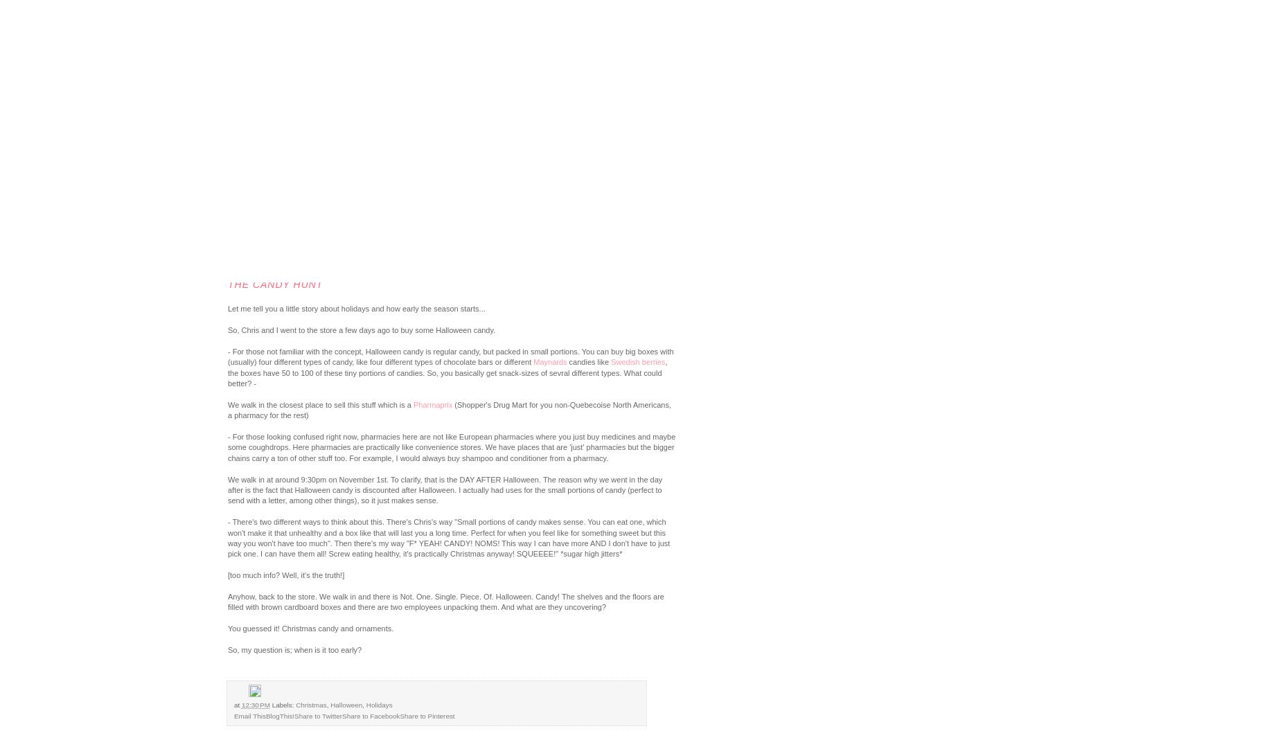 This screenshot has width=1287, height=740. Describe the element at coordinates (346, 705) in the screenshot. I see `'Halloween'` at that location.